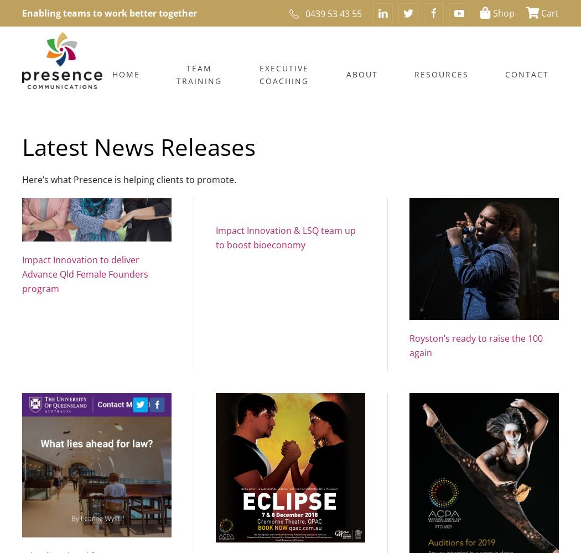 Image resolution: width=581 pixels, height=553 pixels. Describe the element at coordinates (85, 273) in the screenshot. I see `'Impact Innovation to deliver Advance Qld Female Founders program'` at that location.